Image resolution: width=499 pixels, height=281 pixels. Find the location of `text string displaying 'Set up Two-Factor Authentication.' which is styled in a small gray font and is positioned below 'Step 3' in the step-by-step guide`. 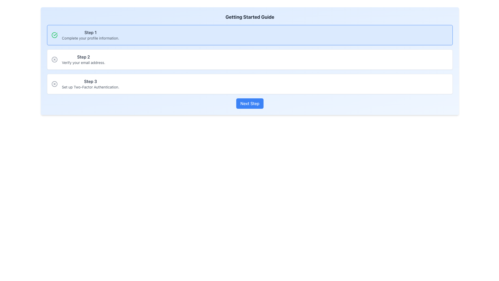

text string displaying 'Set up Two-Factor Authentication.' which is styled in a small gray font and is positioned below 'Step 3' in the step-by-step guide is located at coordinates (90, 87).